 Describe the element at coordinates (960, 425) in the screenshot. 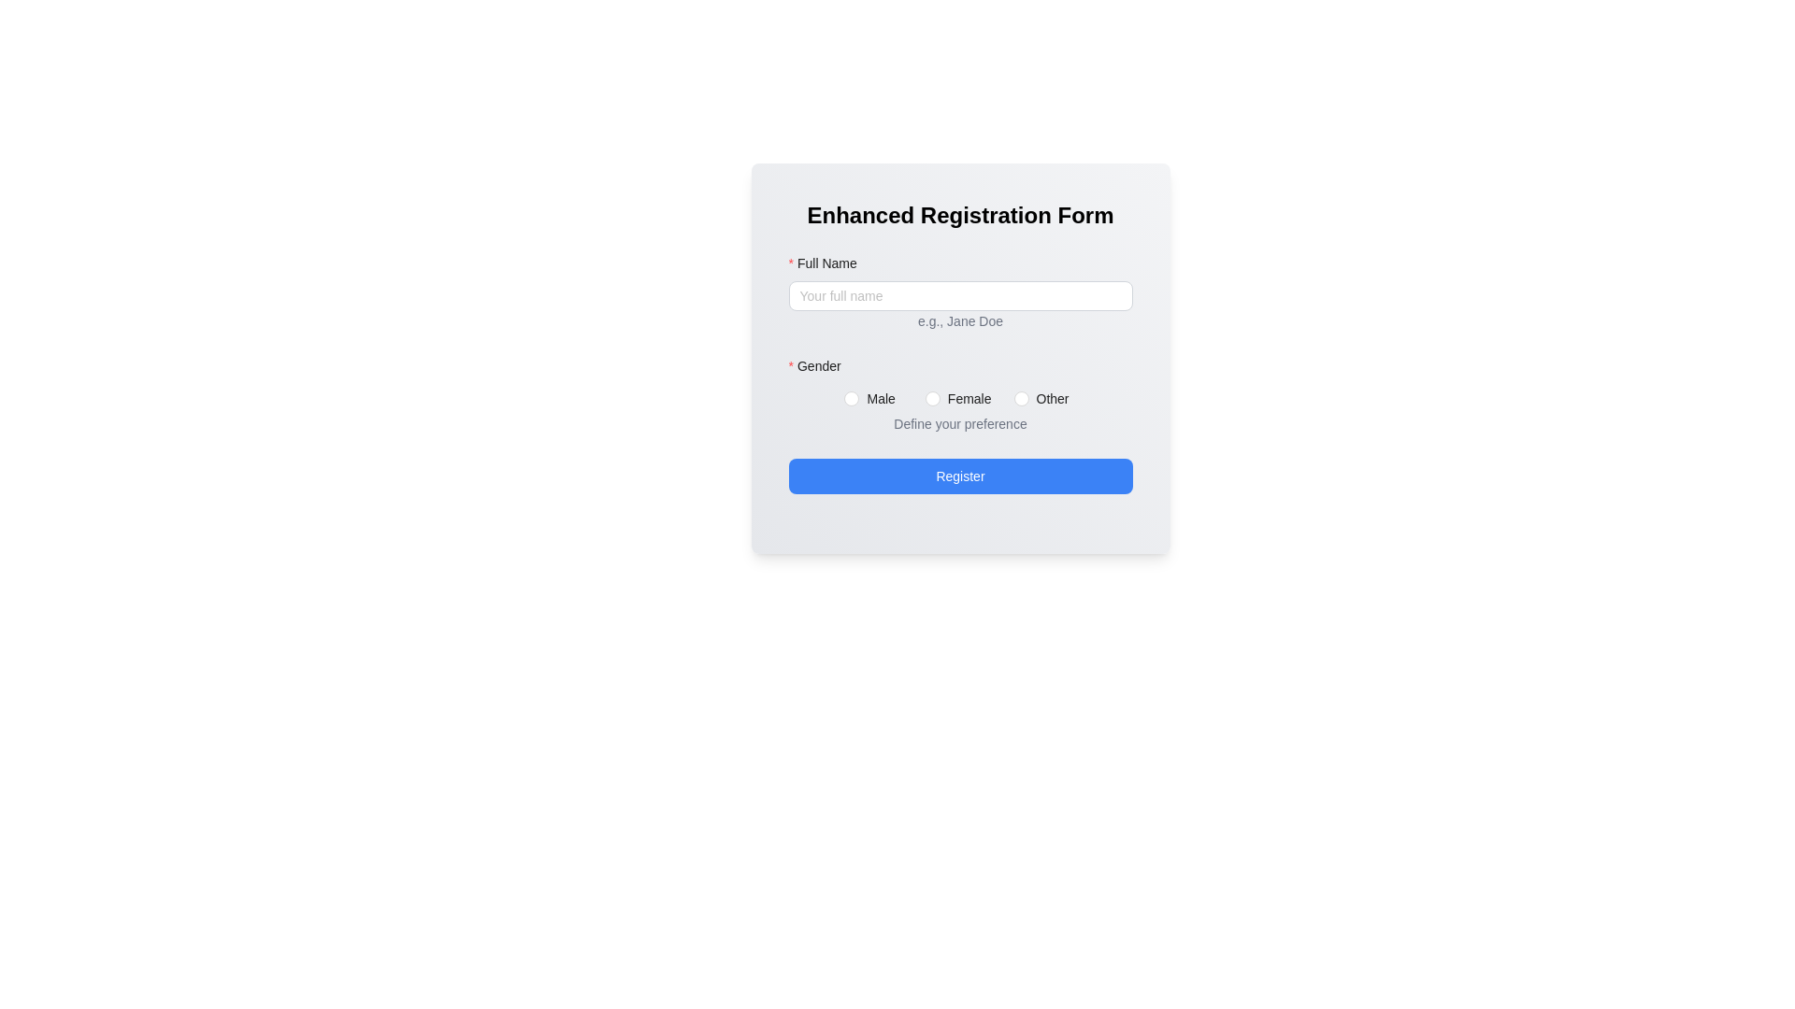

I see `the non-interactive text label providing clarification for the 'Gender' field, located below the radio buttons for 'Male', 'Female', and 'Other'` at that location.